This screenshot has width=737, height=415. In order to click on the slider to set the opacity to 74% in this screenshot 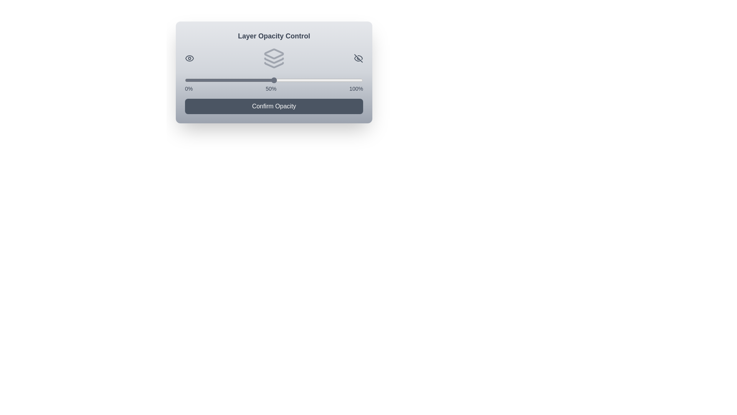, I will do `click(317, 80)`.